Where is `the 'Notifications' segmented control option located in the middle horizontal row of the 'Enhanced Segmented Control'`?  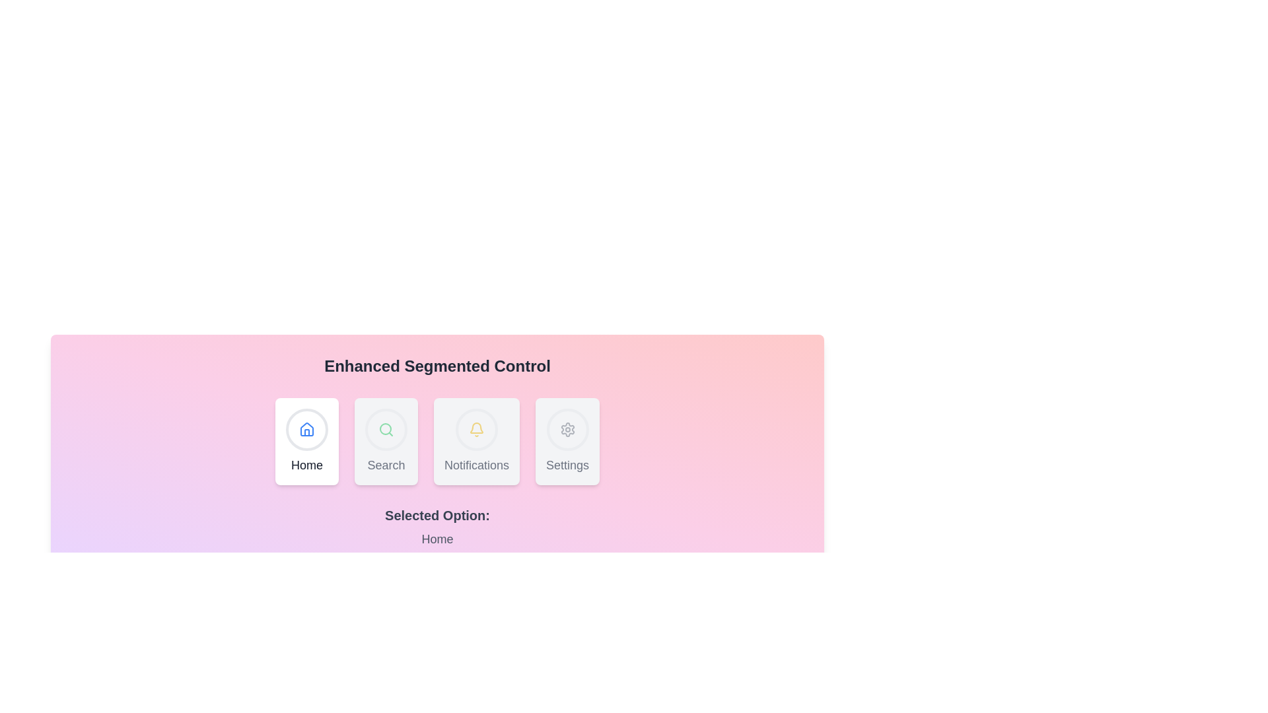 the 'Notifications' segmented control option located in the middle horizontal row of the 'Enhanced Segmented Control' is located at coordinates (437, 441).